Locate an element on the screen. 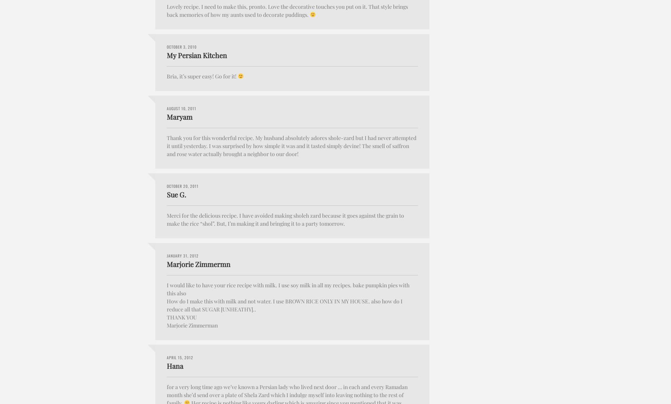 This screenshot has width=671, height=404. 'January 31, 2012' is located at coordinates (183, 255).